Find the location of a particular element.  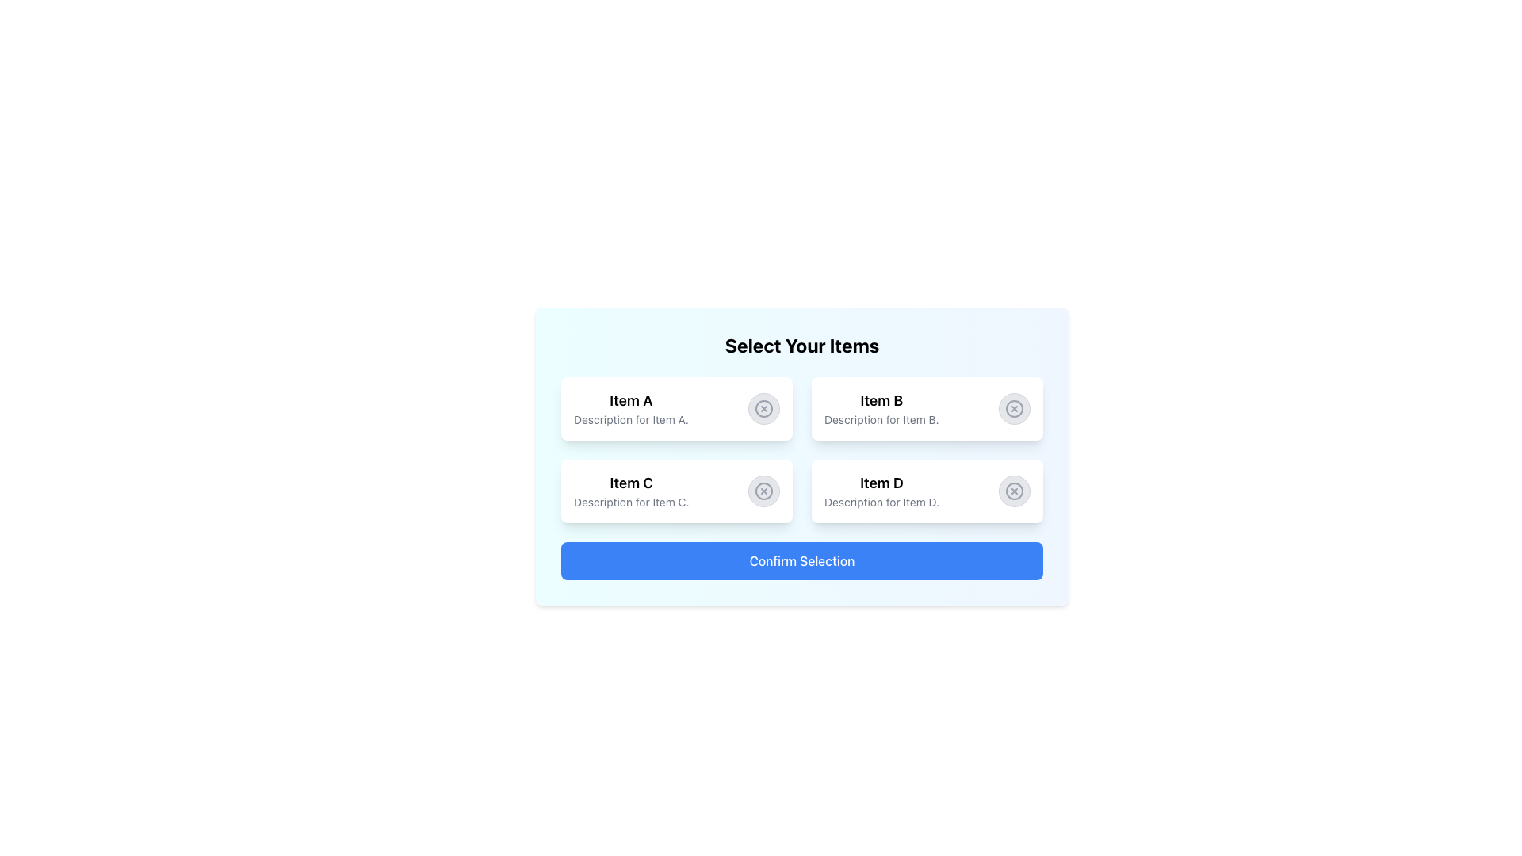

the Information display card for 'Item B', which provides its name and description, positioned in the grid layout as the second card, right of 'Item A' and above 'Item D' is located at coordinates (881, 408).